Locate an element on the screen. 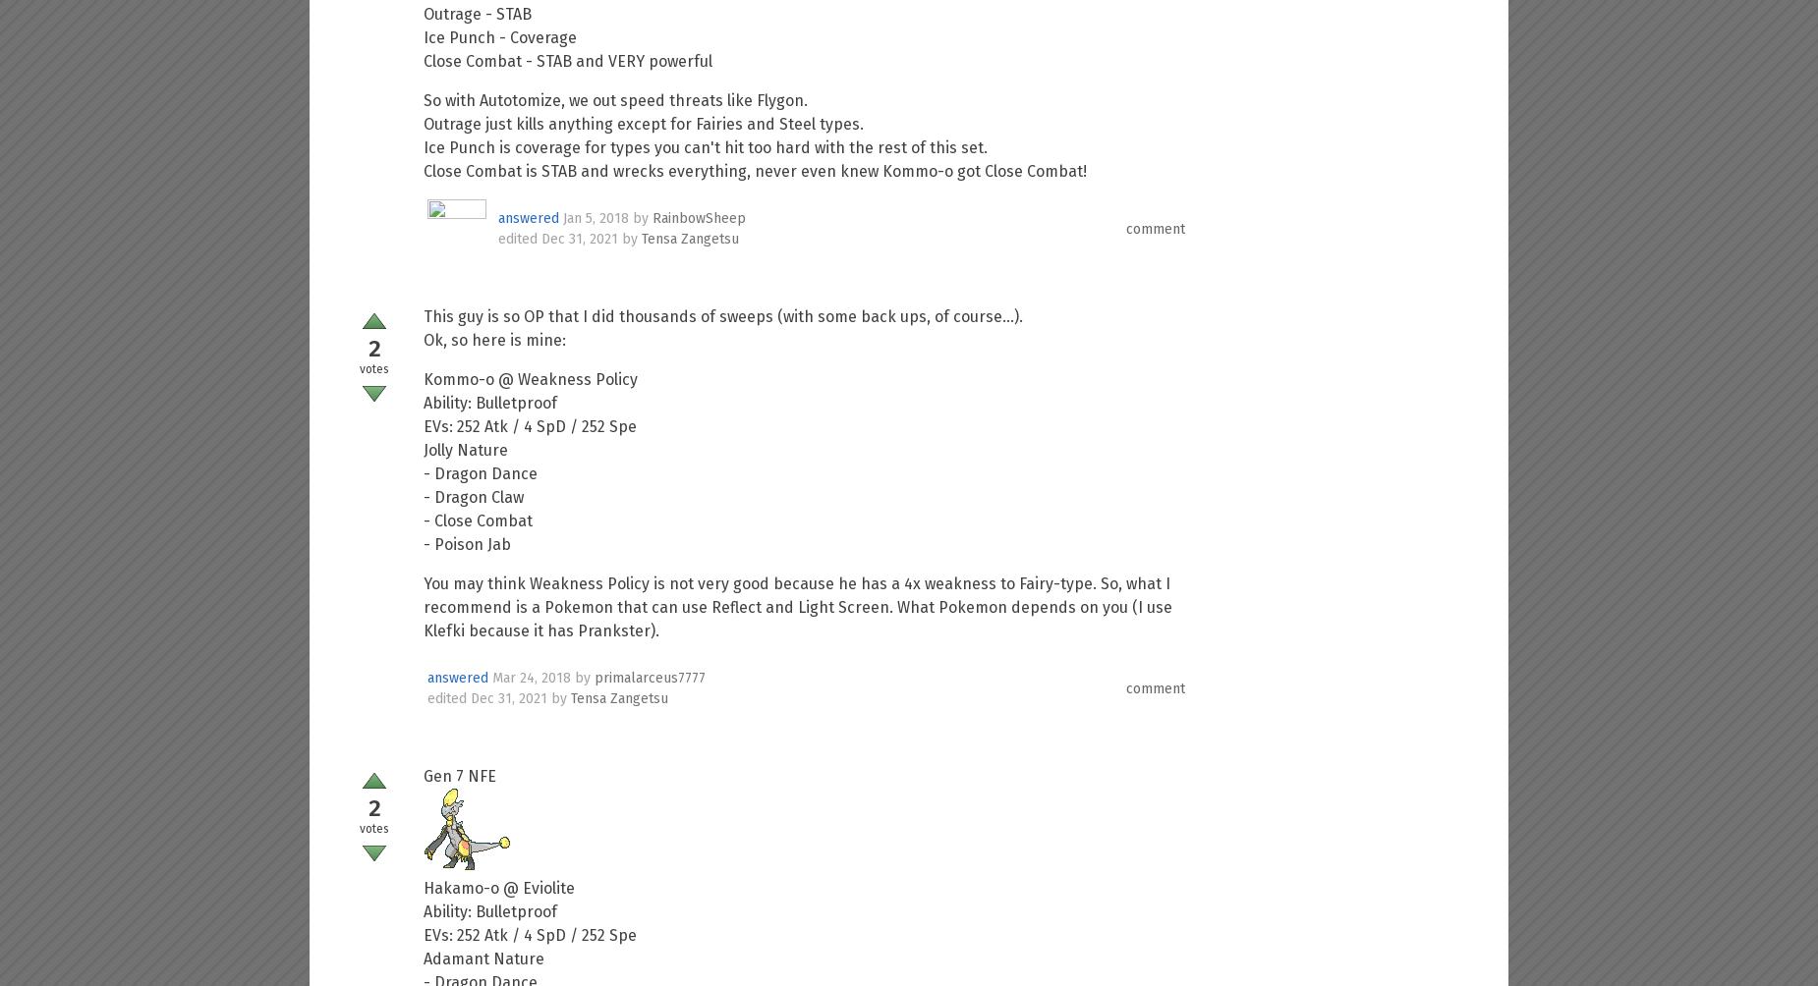 The width and height of the screenshot is (1818, 986). 'RainbowSheep' is located at coordinates (699, 217).